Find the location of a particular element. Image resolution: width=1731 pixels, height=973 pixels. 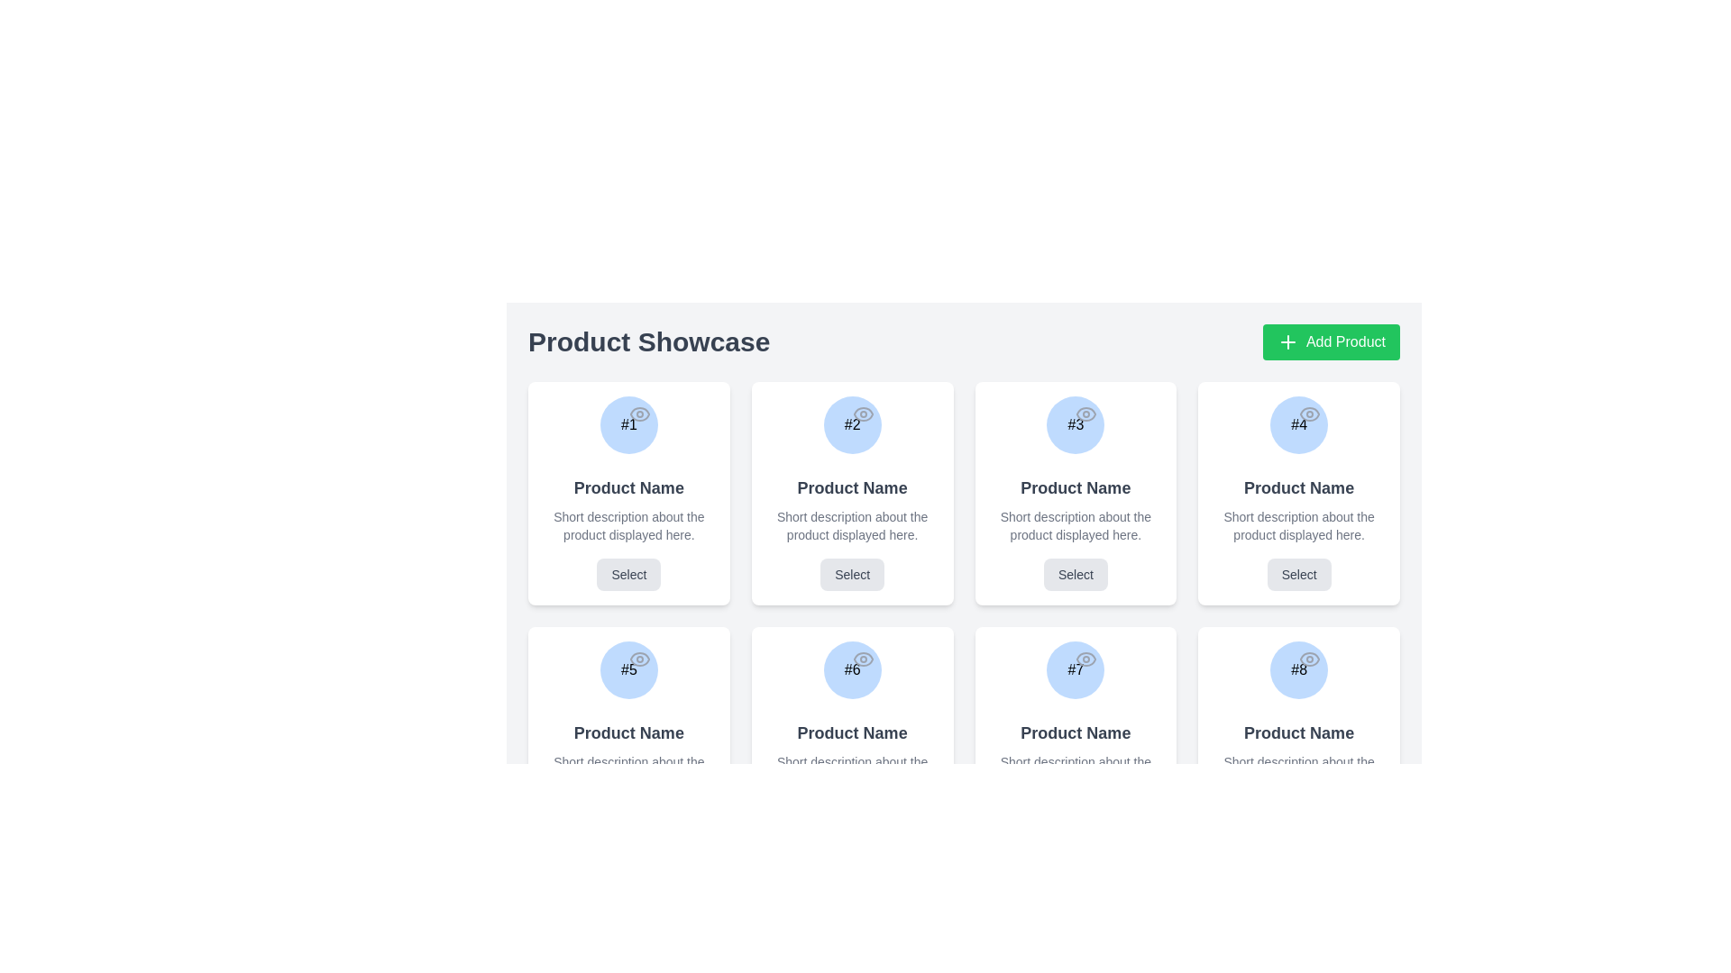

the text label displaying '#2' that is embedded within a light blue circular badge located at the top-center of a card in the second column of the first row is located at coordinates (851, 424).